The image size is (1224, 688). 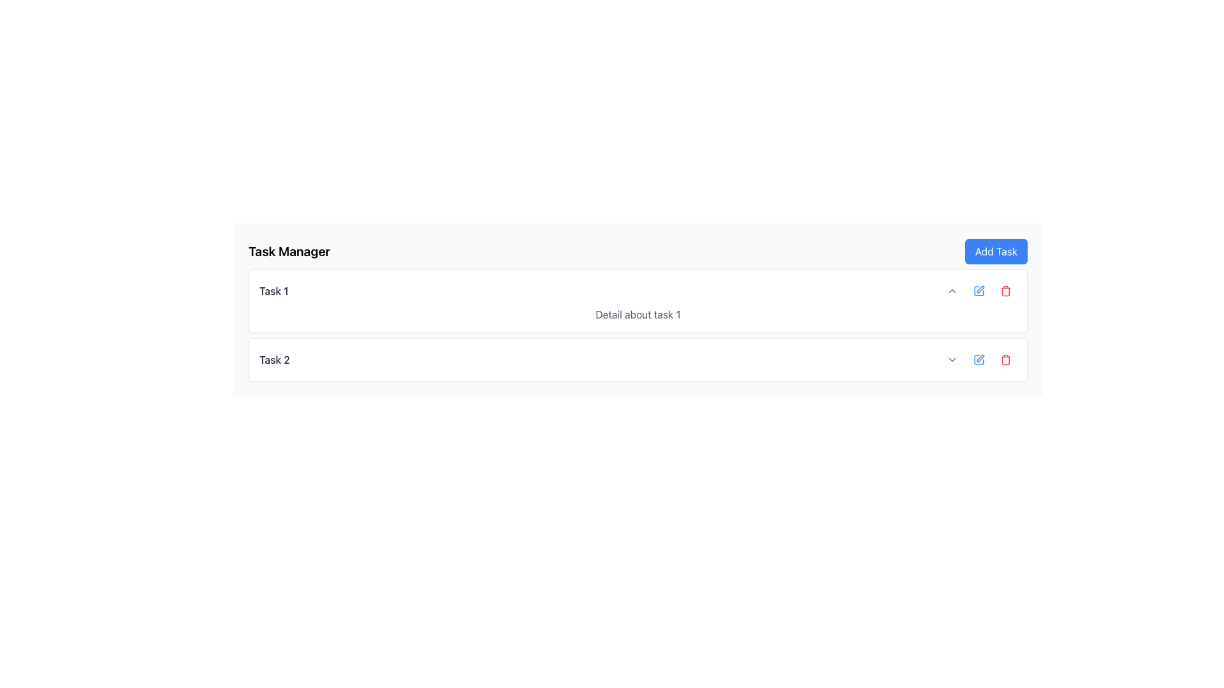 What do you see at coordinates (979, 359) in the screenshot?
I see `the pen icon button located on the right side of the task list for 'Task 2' to initiate an edit action` at bounding box center [979, 359].